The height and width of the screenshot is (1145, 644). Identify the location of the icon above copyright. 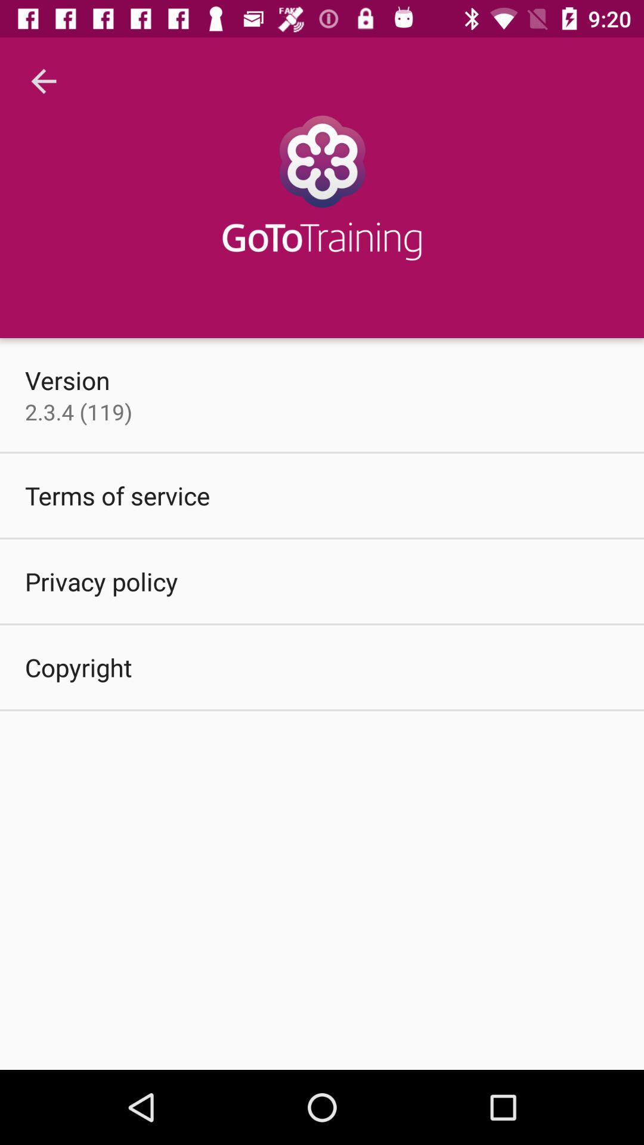
(101, 581).